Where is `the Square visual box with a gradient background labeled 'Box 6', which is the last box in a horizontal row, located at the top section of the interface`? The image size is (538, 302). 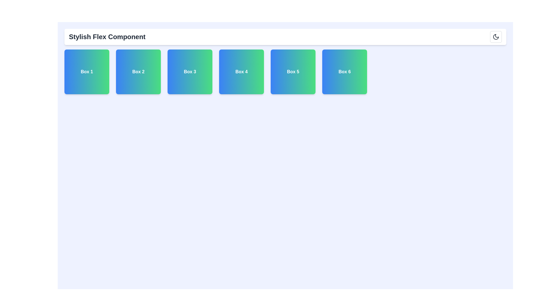
the Square visual box with a gradient background labeled 'Box 6', which is the last box in a horizontal row, located at the top section of the interface is located at coordinates (344, 72).